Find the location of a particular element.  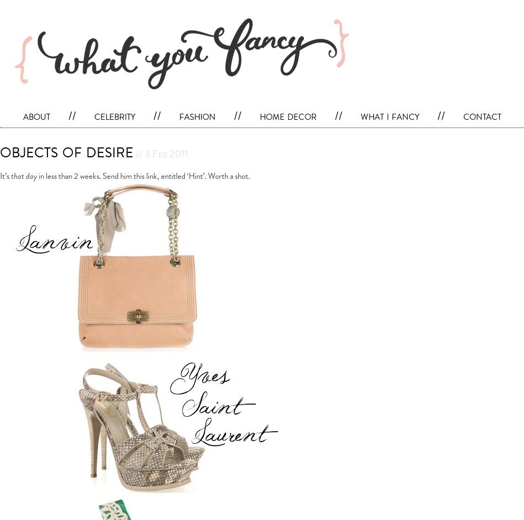

'celebrity' is located at coordinates (114, 115).